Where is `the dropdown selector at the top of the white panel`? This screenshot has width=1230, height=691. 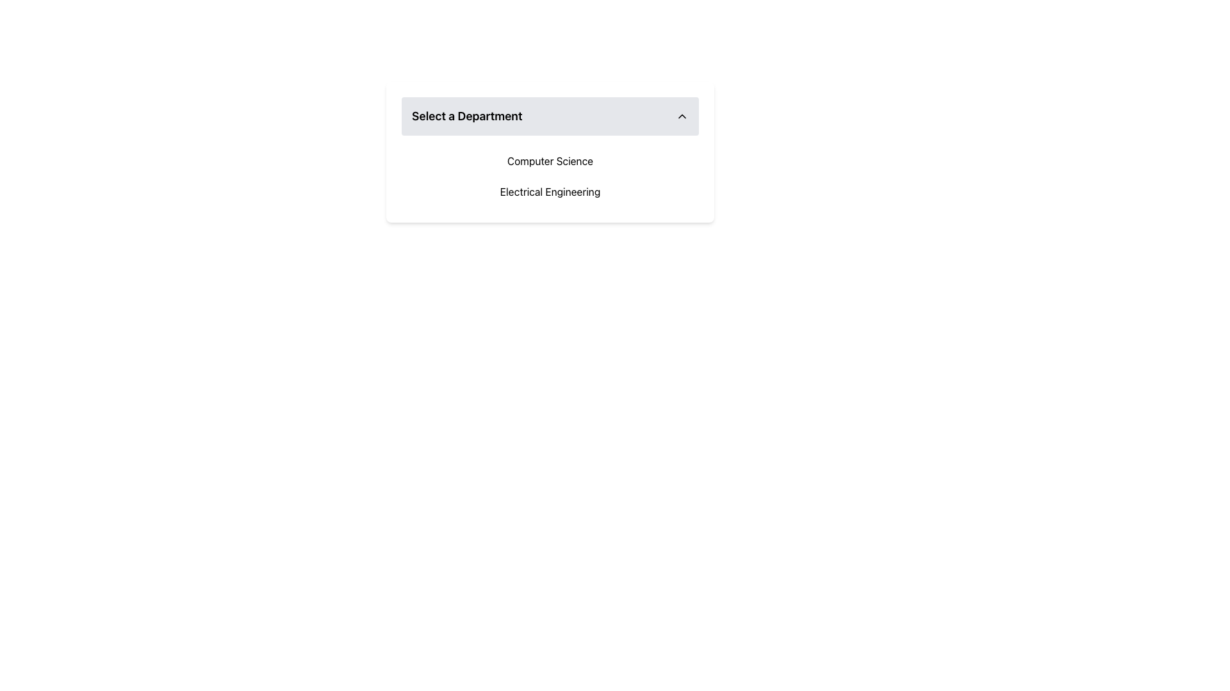
the dropdown selector at the top of the white panel is located at coordinates (550, 116).